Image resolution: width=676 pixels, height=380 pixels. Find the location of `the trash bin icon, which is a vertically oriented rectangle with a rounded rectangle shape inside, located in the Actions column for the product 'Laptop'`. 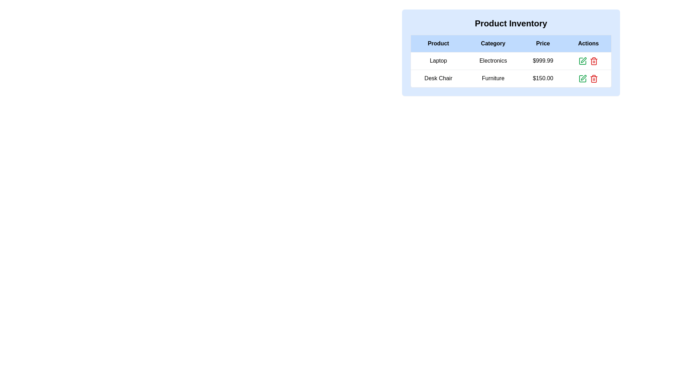

the trash bin icon, which is a vertically oriented rectangle with a rounded rectangle shape inside, located in the Actions column for the product 'Laptop' is located at coordinates (594, 61).